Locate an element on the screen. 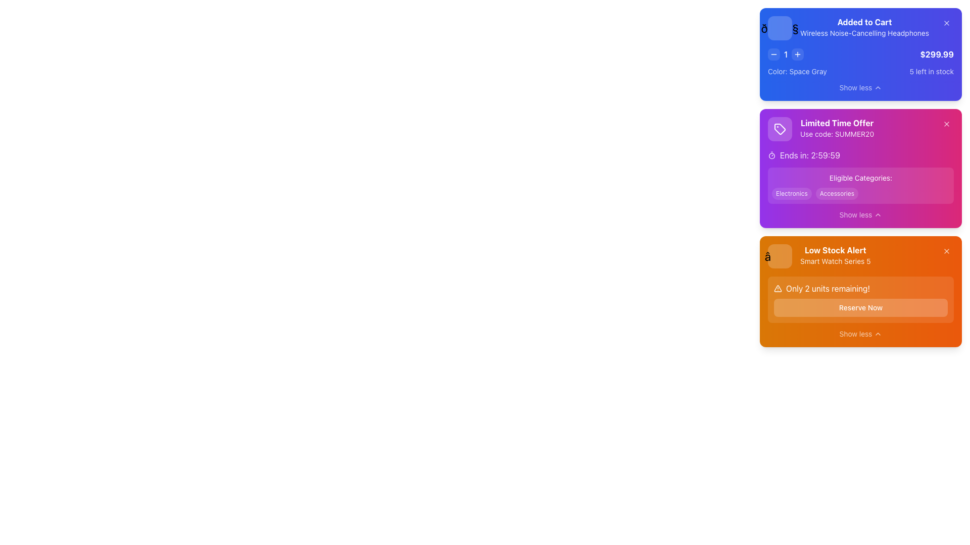 This screenshot has height=545, width=970. the 'Electronics' text badge, which is a rounded rectangular badge with white text on a translucent purple background, located below the 'Limited Time Offer' section is located at coordinates (791, 194).